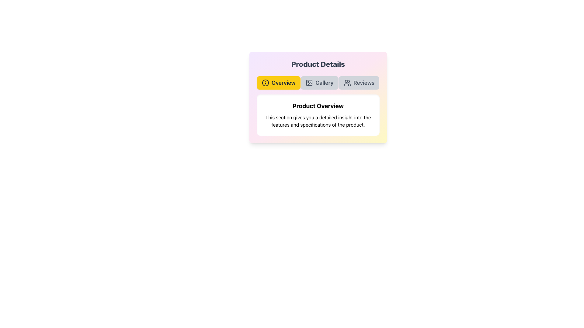  What do you see at coordinates (347, 83) in the screenshot?
I see `the small icon depicting two abstract human figures, which is part of the 'Reviews' button group located in the navigation bar of the 'Product Details' section` at bounding box center [347, 83].